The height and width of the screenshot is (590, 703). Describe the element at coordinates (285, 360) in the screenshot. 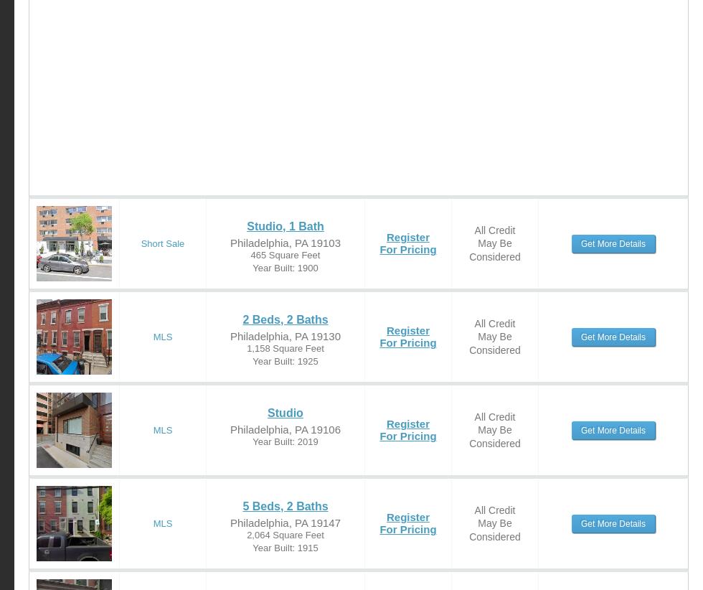

I see `'Year Built: 1925'` at that location.